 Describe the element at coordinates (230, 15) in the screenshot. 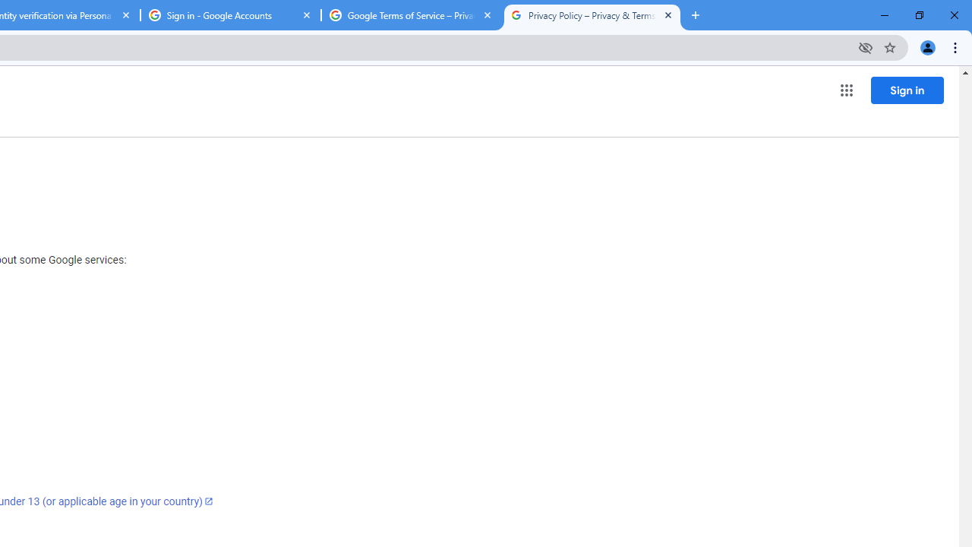

I see `'Sign in - Google Accounts'` at that location.